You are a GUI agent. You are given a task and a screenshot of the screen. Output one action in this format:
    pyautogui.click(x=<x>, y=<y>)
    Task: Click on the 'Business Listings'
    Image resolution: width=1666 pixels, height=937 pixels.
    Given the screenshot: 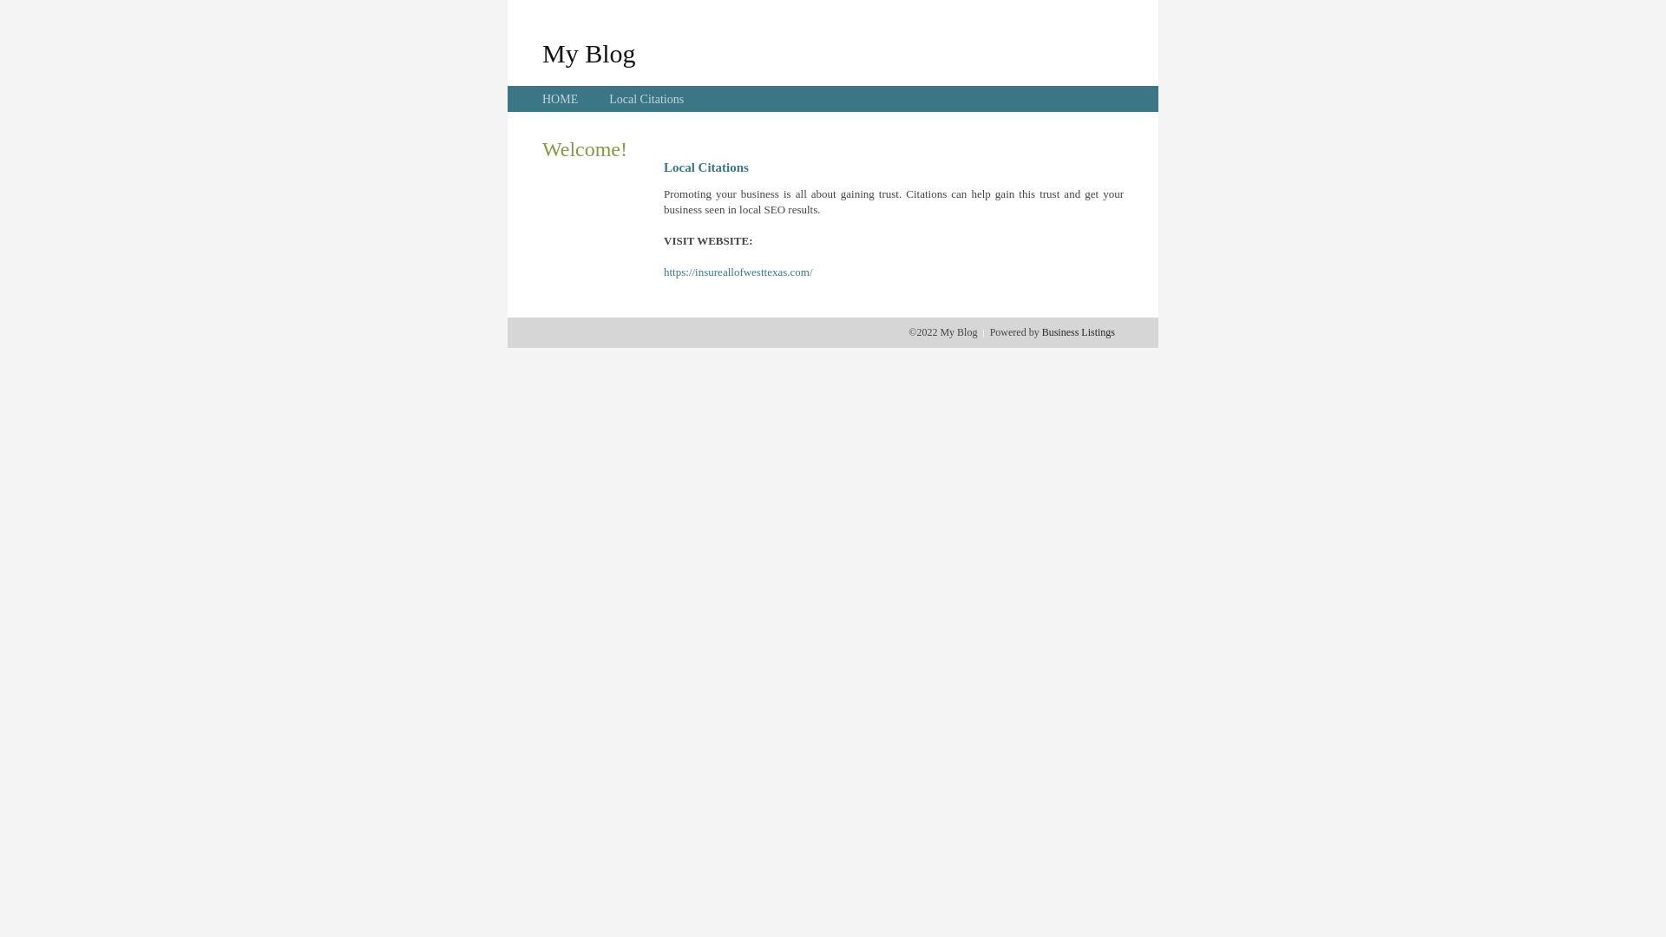 What is the action you would take?
    pyautogui.click(x=1078, y=331)
    